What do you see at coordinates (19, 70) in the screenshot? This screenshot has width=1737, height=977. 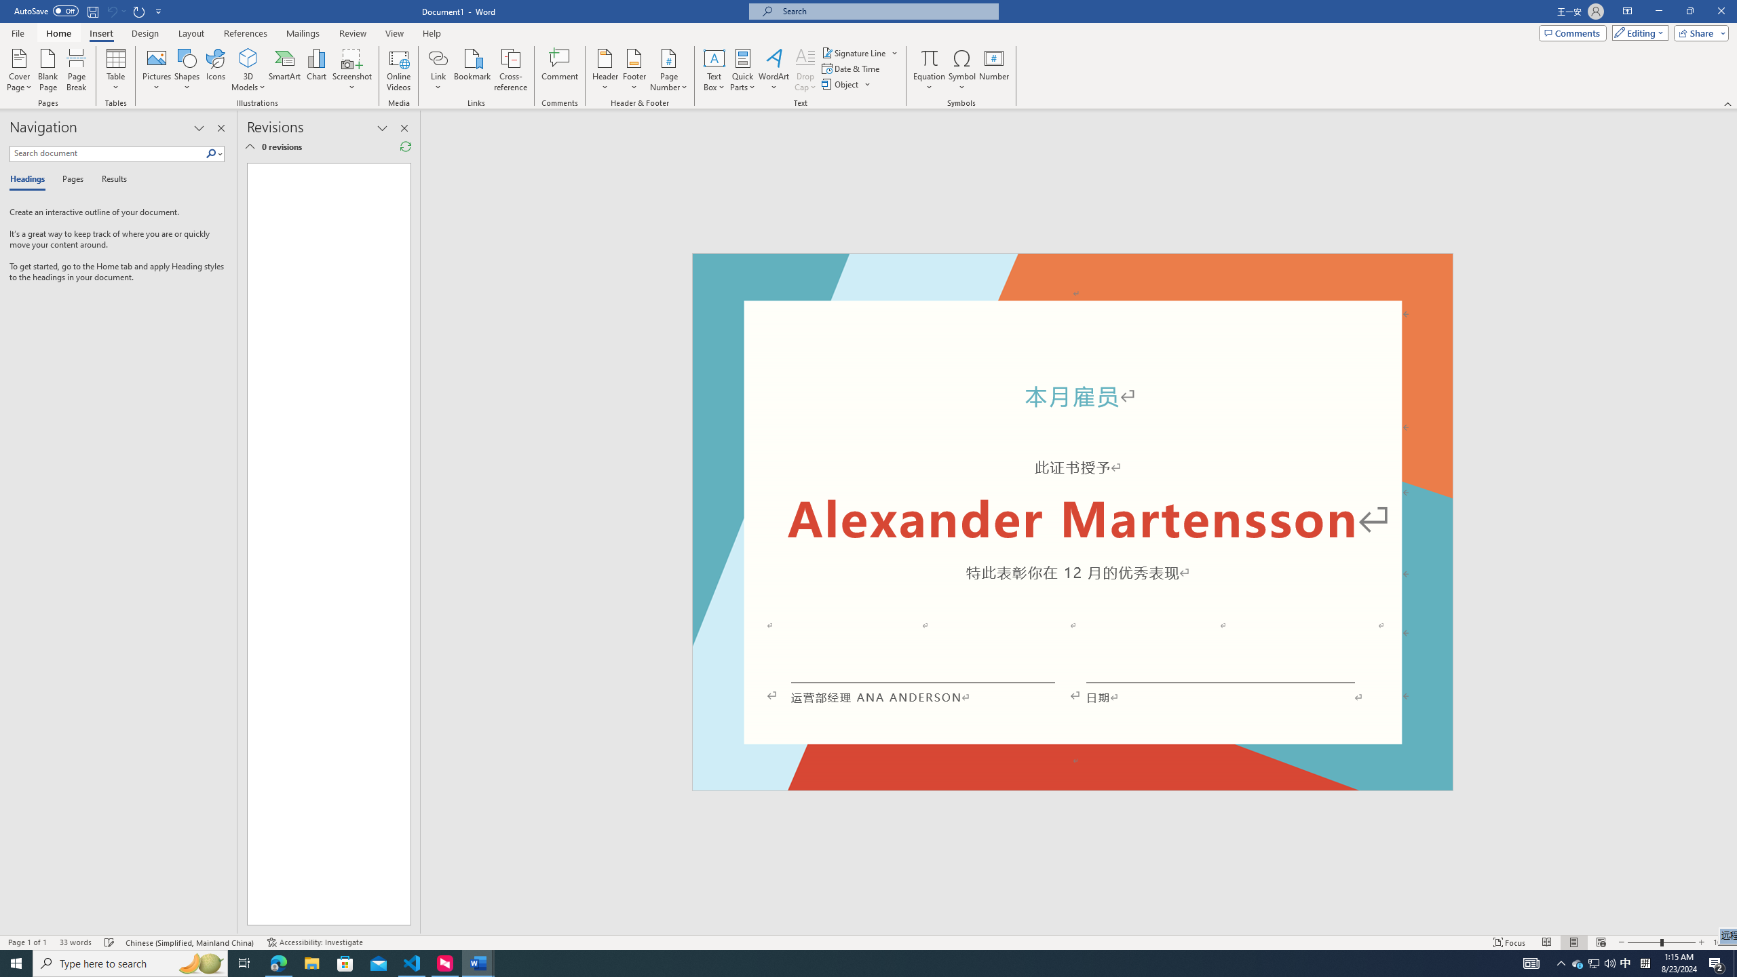 I see `'Cover Page'` at bounding box center [19, 70].